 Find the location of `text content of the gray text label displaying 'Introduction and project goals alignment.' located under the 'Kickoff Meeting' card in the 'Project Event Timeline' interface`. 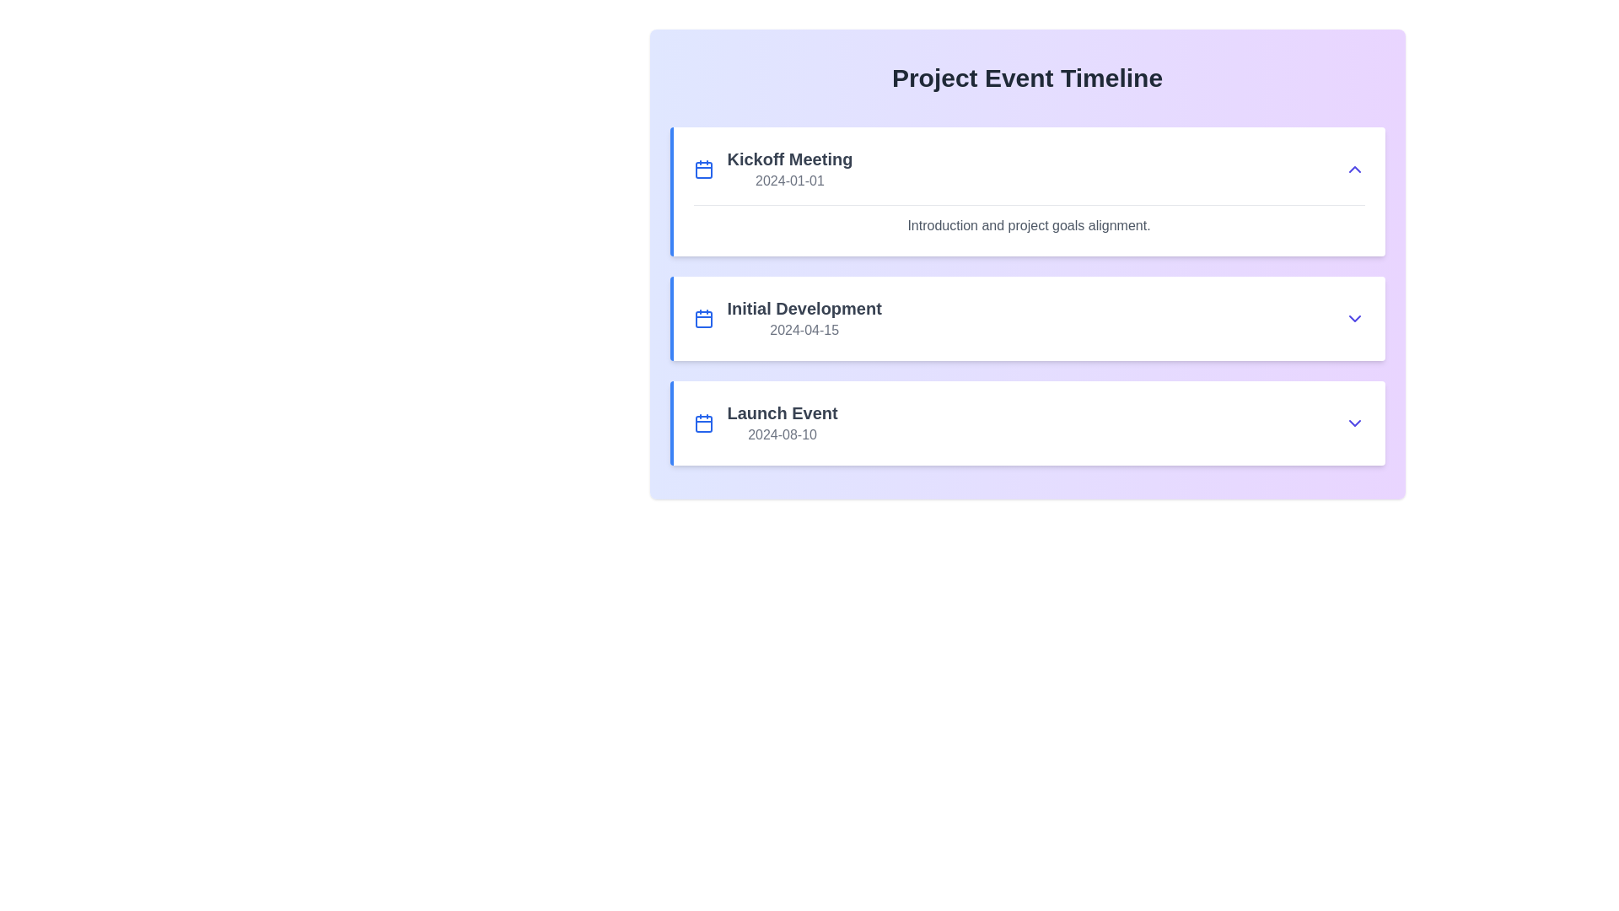

text content of the gray text label displaying 'Introduction and project goals alignment.' located under the 'Kickoff Meeting' card in the 'Project Event Timeline' interface is located at coordinates (1028, 224).